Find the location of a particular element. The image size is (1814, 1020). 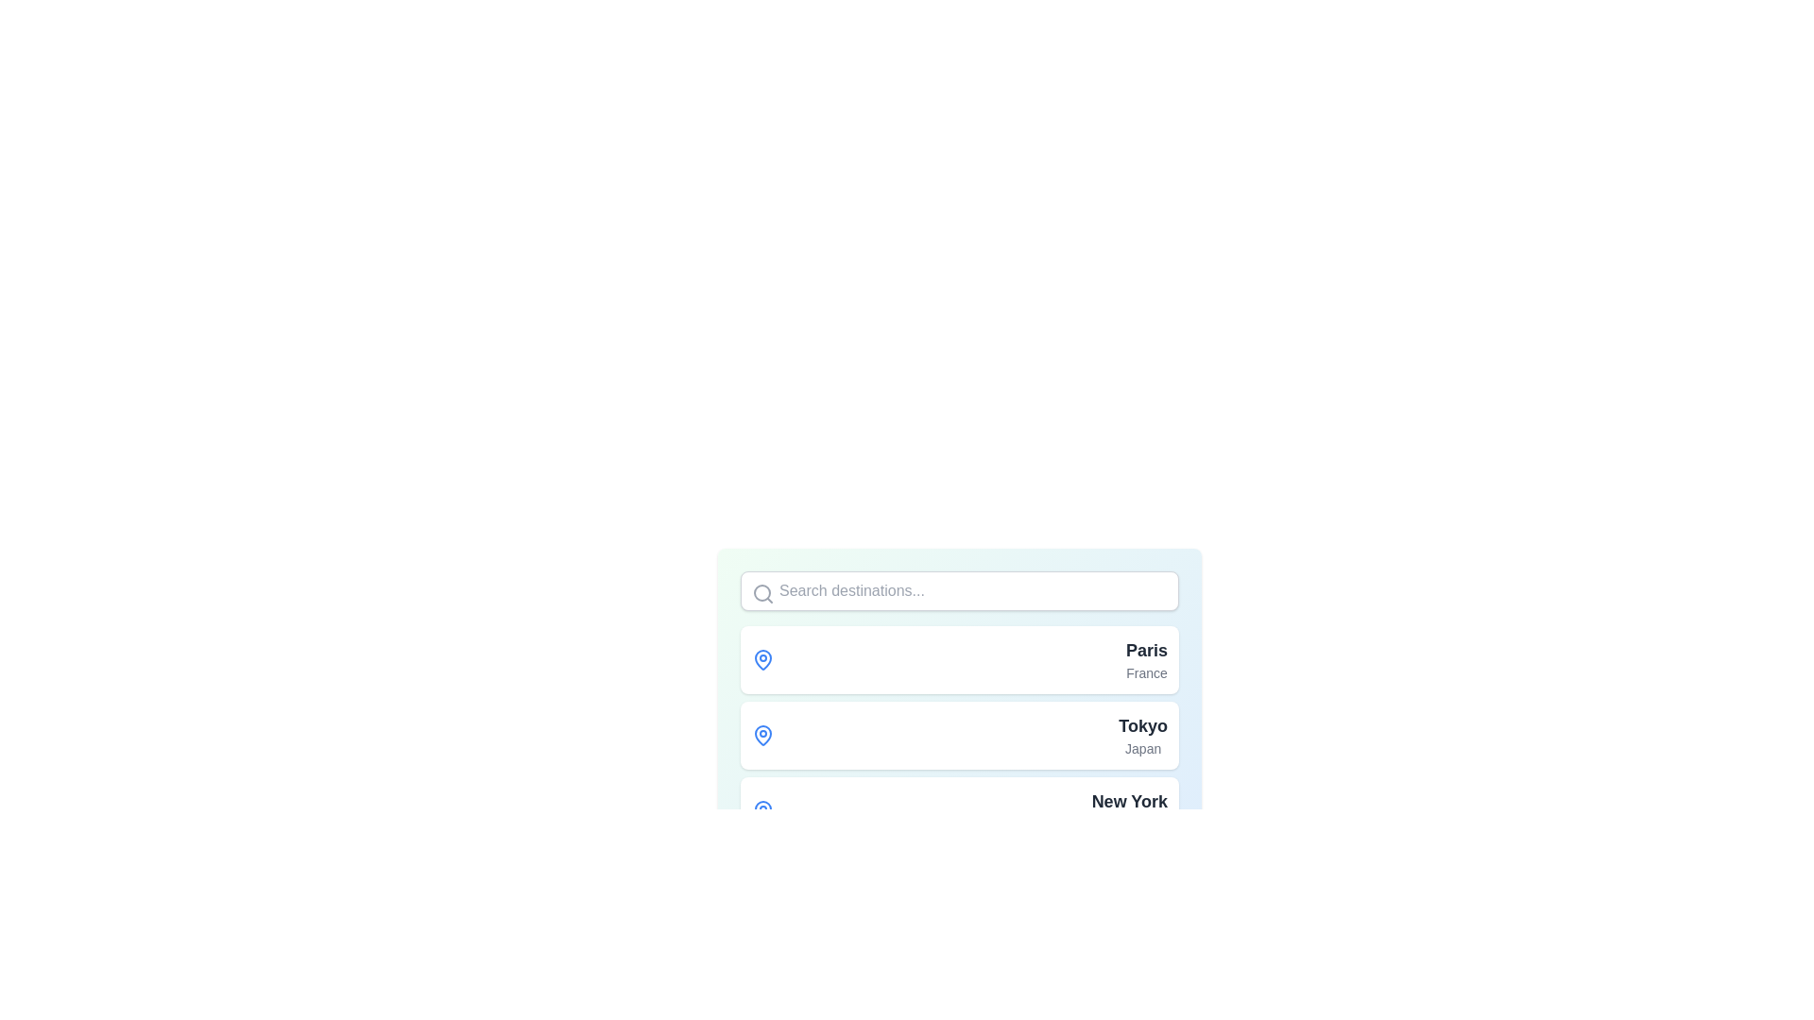

the header text element displaying 'Paris' in bold, larger font, which is dark gray and positioned above the text 'France' in the right-middle region of the interface is located at coordinates (1146, 650).